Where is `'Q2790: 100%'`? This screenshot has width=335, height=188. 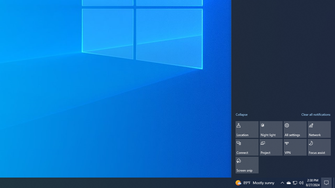 'Q2790: 100%' is located at coordinates (295, 182).